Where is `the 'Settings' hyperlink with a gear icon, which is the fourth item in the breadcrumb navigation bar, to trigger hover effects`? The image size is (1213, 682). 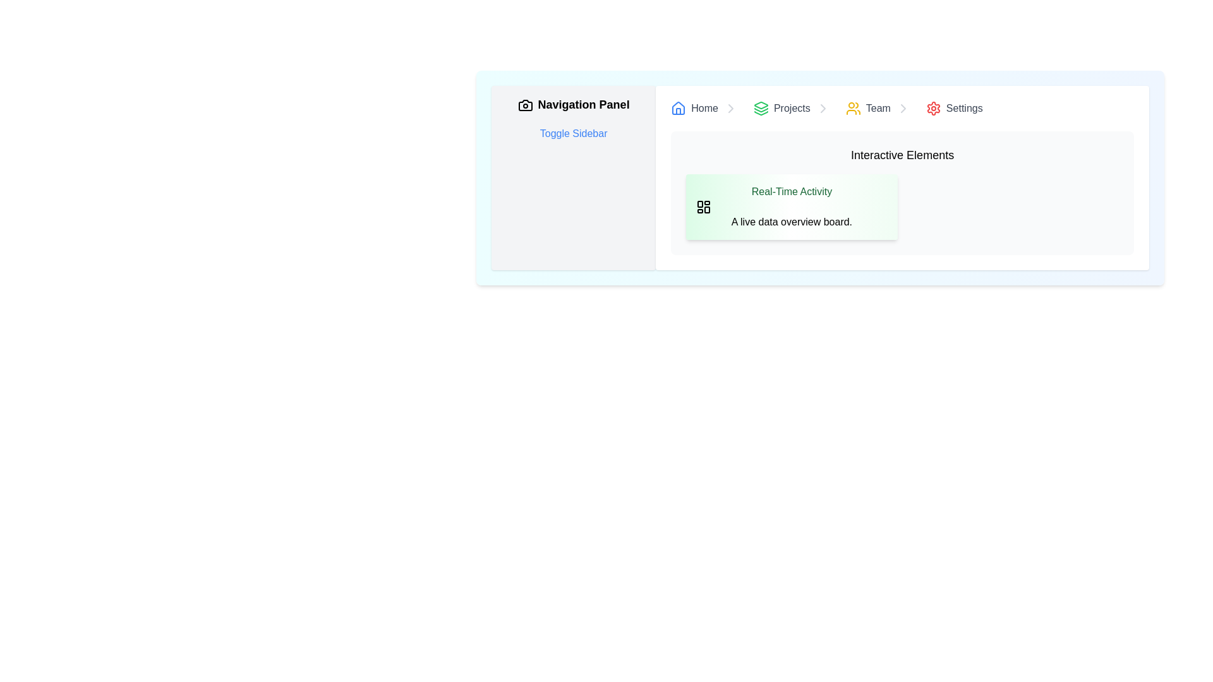
the 'Settings' hyperlink with a gear icon, which is the fourth item in the breadcrumb navigation bar, to trigger hover effects is located at coordinates (954, 108).